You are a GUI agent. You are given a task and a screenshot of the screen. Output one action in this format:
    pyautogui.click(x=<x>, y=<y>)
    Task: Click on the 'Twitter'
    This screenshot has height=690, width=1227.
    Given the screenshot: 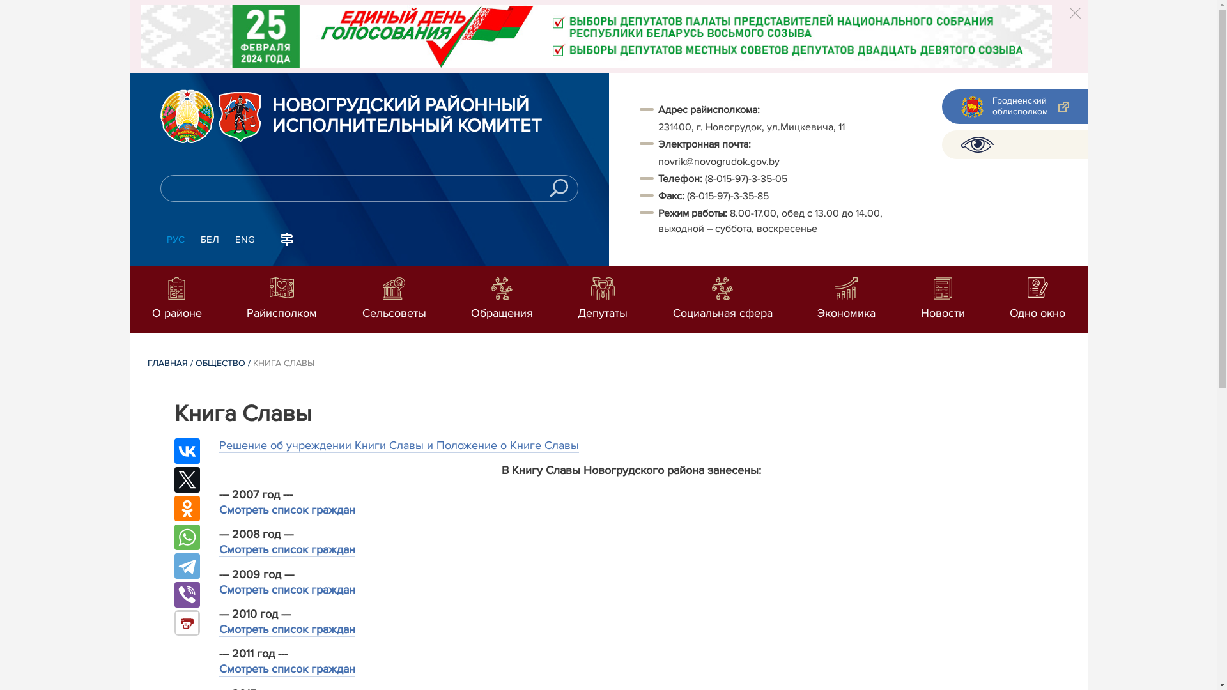 What is the action you would take?
    pyautogui.click(x=186, y=480)
    